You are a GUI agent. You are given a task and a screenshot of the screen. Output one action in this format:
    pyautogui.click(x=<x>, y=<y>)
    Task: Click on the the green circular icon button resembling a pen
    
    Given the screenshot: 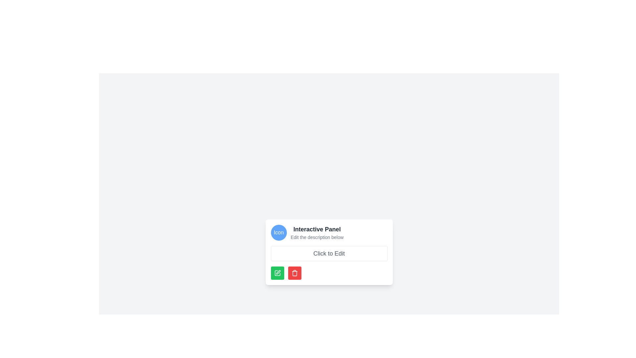 What is the action you would take?
    pyautogui.click(x=277, y=273)
    